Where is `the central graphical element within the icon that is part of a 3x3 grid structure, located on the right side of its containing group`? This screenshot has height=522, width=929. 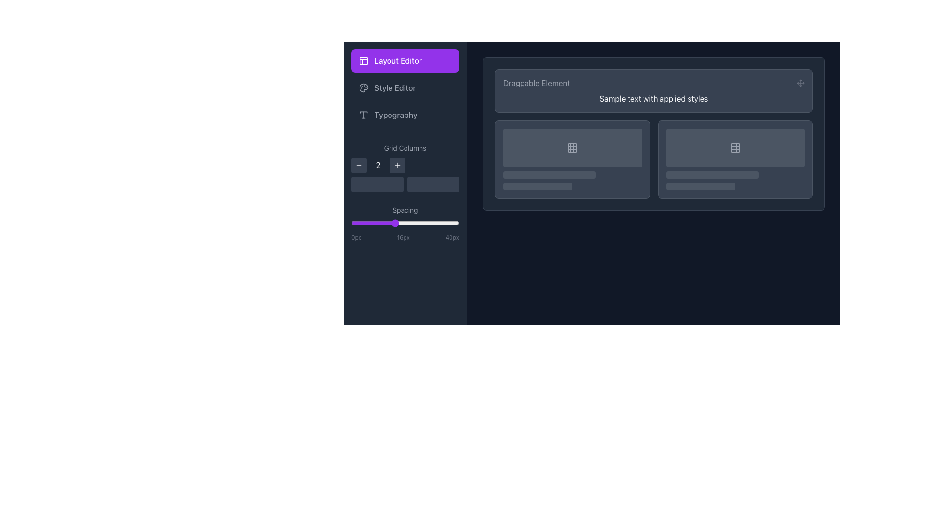
the central graphical element within the icon that is part of a 3x3 grid structure, located on the right side of its containing group is located at coordinates (735, 147).